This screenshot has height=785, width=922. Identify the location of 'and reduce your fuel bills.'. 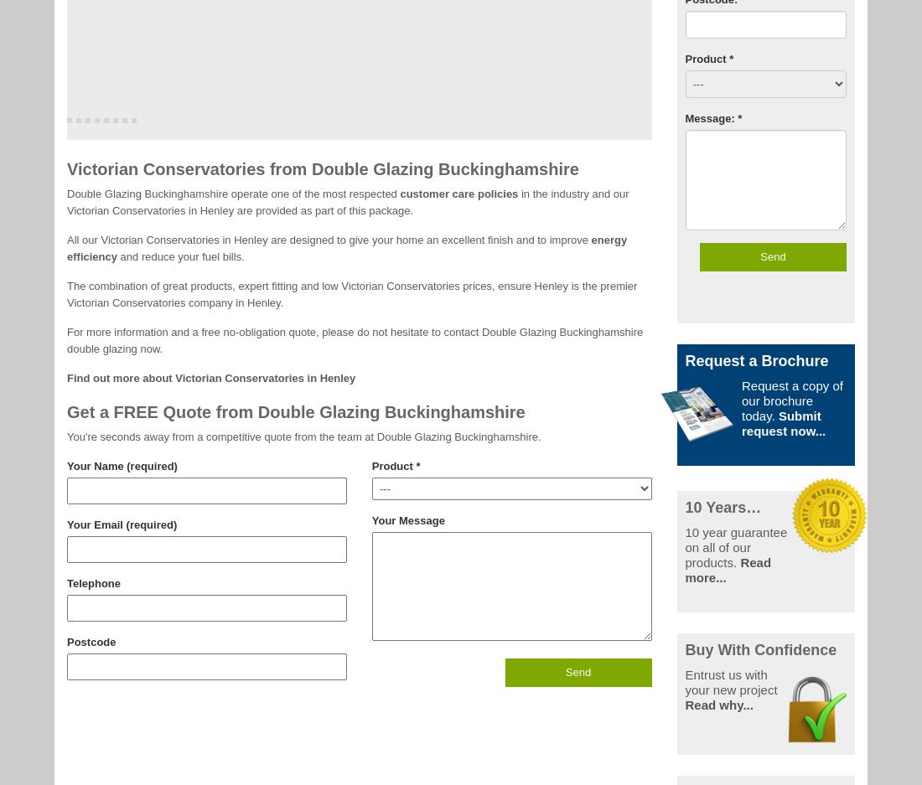
(180, 255).